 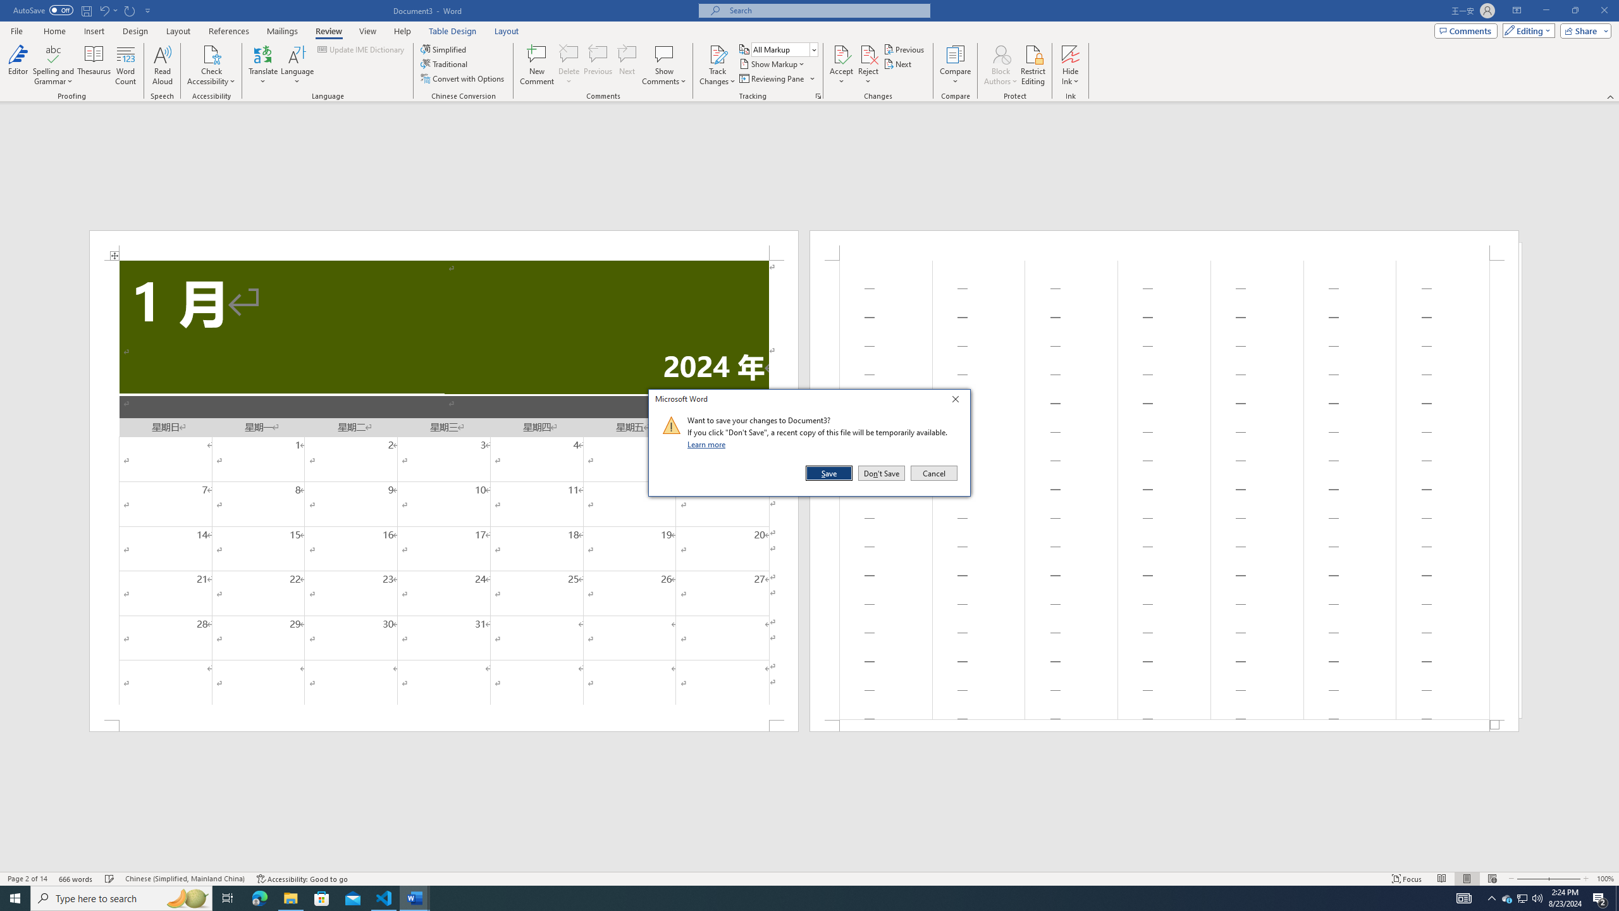 I want to click on 'Check Accessibility', so click(x=211, y=65).